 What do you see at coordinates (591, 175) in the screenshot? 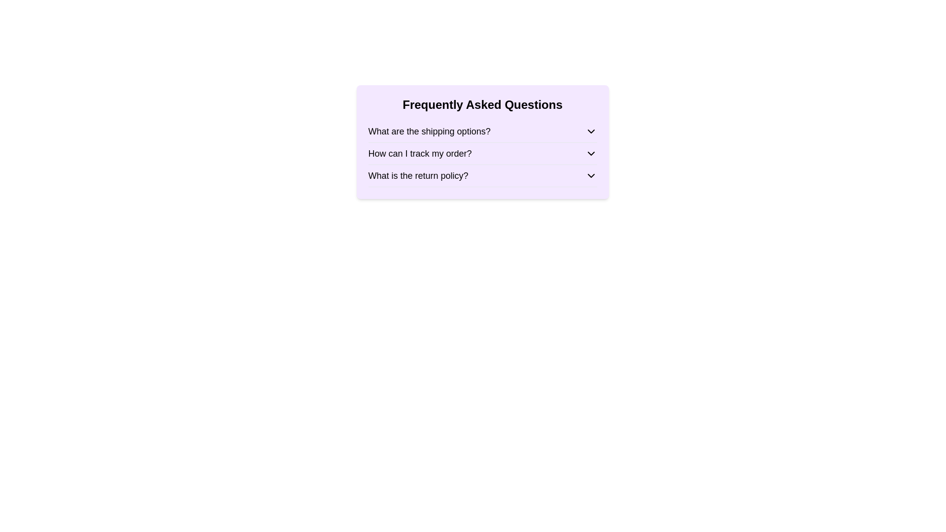
I see `the outline-styled downward chevron icon indicating a dropdown menu in the FAQ section, located to the right of the text 'What is the return policy?' in the third row` at bounding box center [591, 175].